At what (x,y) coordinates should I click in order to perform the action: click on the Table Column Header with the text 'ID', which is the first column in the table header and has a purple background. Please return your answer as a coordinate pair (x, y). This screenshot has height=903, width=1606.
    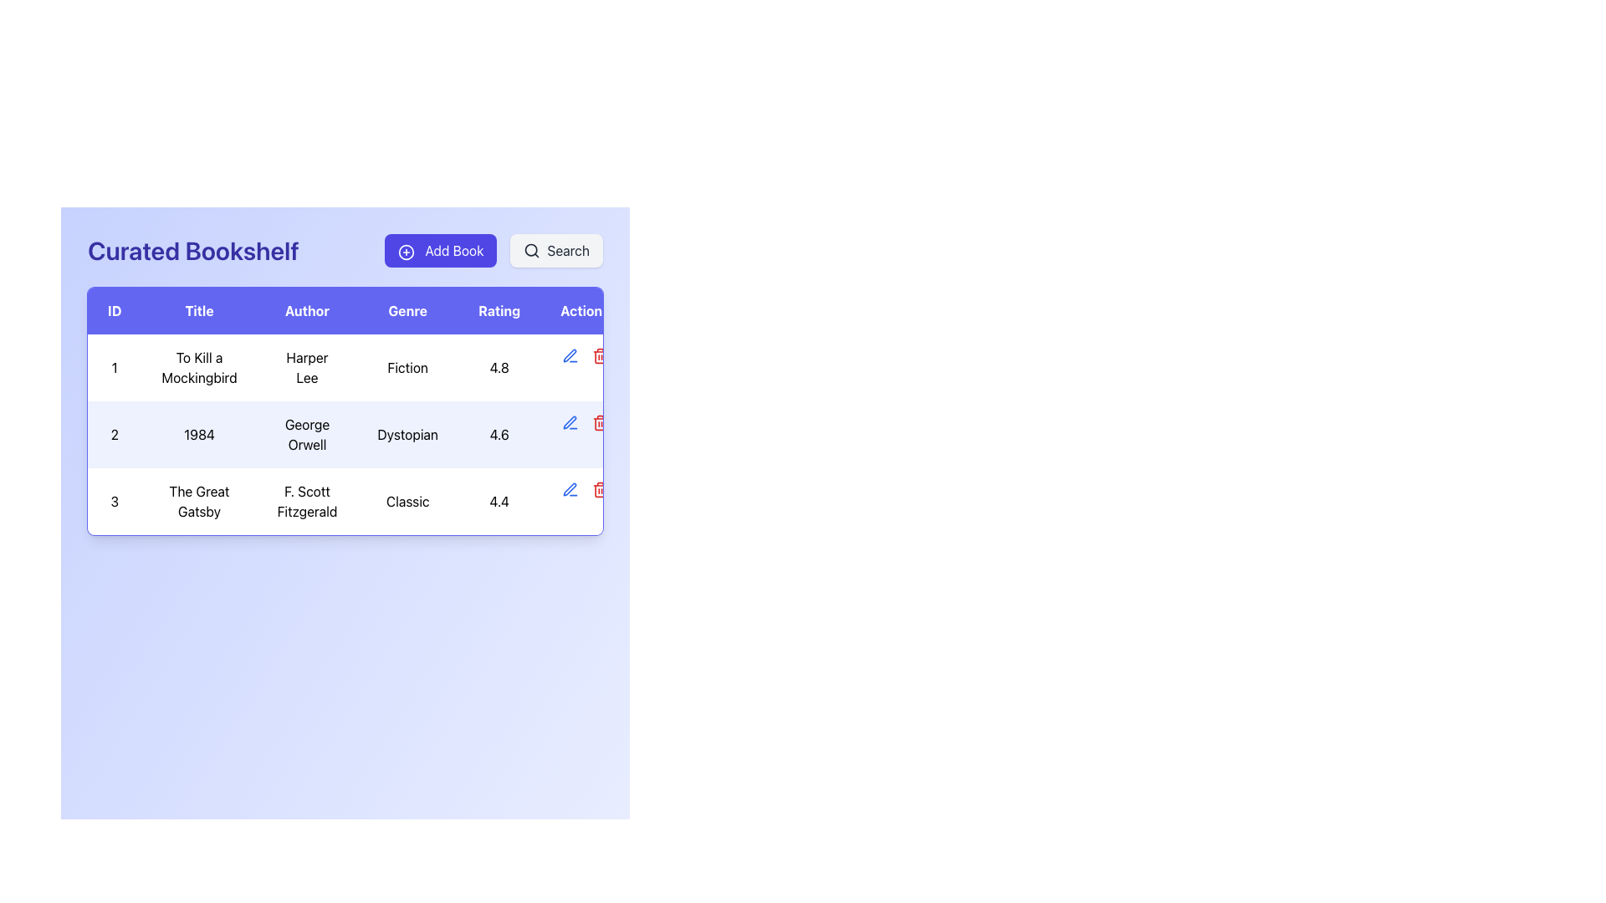
    Looking at the image, I should click on (114, 310).